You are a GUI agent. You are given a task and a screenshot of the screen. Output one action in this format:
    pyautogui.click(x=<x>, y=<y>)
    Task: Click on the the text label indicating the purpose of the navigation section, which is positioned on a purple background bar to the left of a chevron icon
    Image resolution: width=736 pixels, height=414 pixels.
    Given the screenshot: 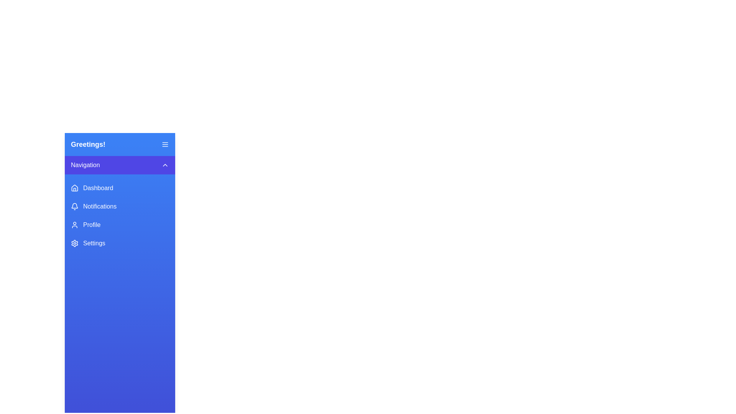 What is the action you would take?
    pyautogui.click(x=85, y=165)
    